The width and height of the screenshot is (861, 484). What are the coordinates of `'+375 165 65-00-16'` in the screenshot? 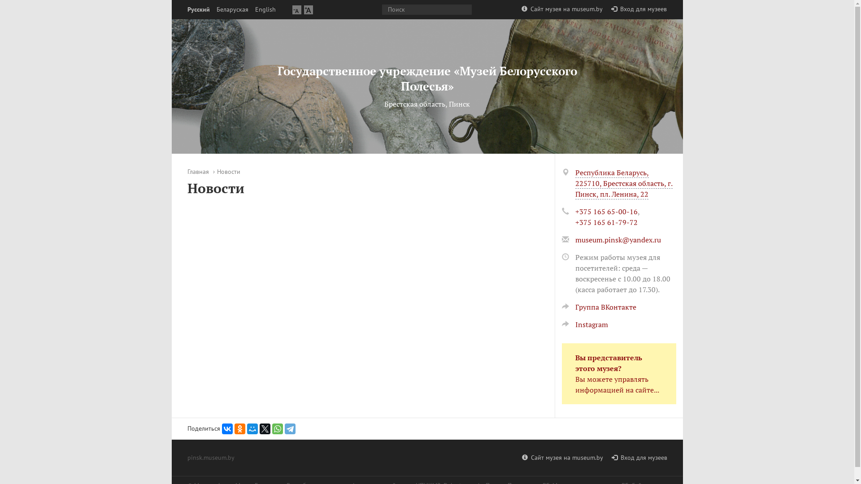 It's located at (606, 211).